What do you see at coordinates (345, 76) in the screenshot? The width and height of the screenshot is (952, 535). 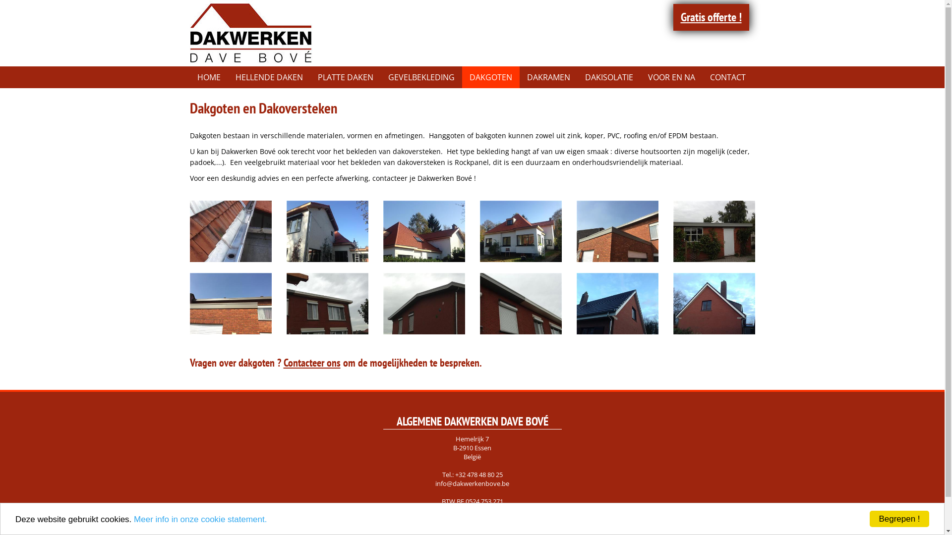 I see `'PLATTE DAKEN'` at bounding box center [345, 76].